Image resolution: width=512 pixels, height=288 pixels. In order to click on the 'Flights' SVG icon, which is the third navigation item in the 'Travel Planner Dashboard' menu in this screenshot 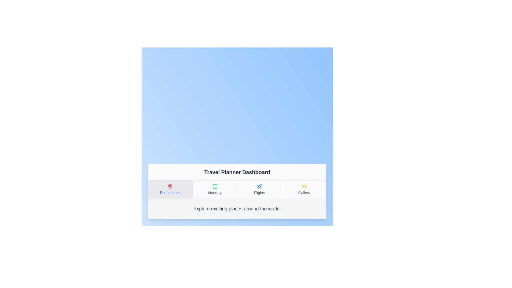, I will do `click(259, 186)`.